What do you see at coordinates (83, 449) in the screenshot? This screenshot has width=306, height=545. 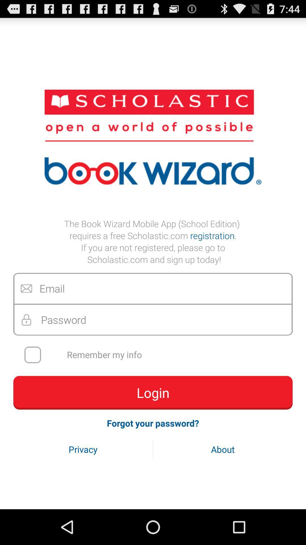 I see `the item at the bottom left corner` at bounding box center [83, 449].